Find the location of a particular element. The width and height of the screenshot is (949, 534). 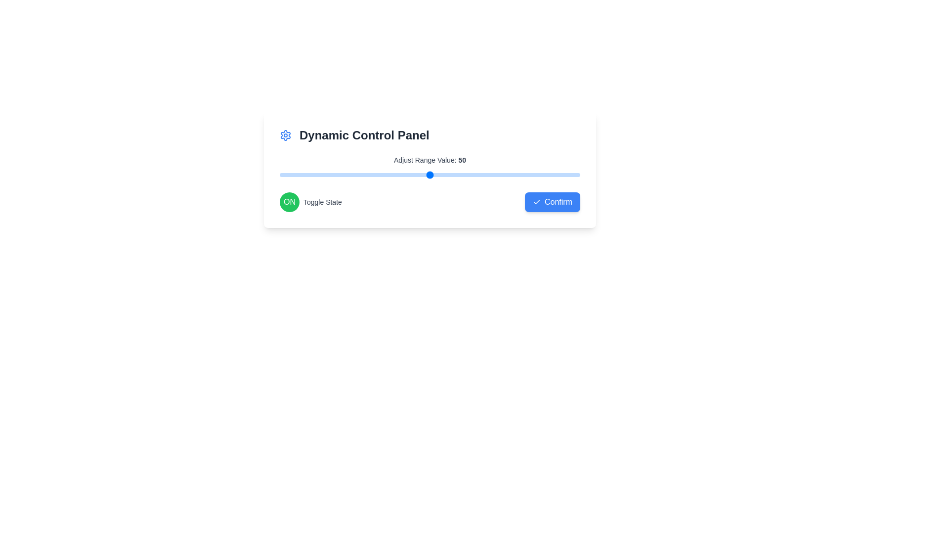

the settings icon located in the top-left corner of the 'Dynamic Control Panel' is located at coordinates (285, 135).